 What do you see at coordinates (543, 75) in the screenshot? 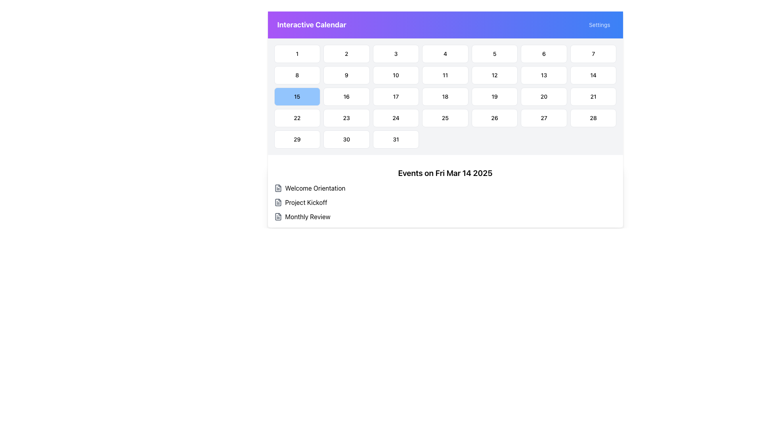
I see `the date '13' in the calendar interface` at bounding box center [543, 75].